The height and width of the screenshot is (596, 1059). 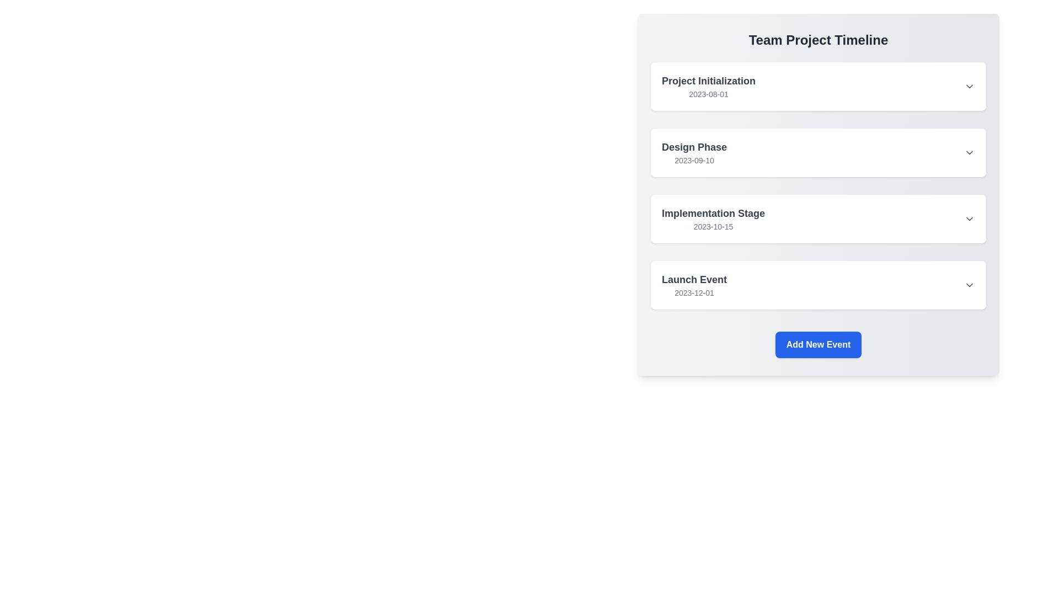 What do you see at coordinates (713, 213) in the screenshot?
I see `text label that identifies the 'Implementation Stage' in the 'Team Project Timeline' interface, located at the top of the third card in the sequence` at bounding box center [713, 213].